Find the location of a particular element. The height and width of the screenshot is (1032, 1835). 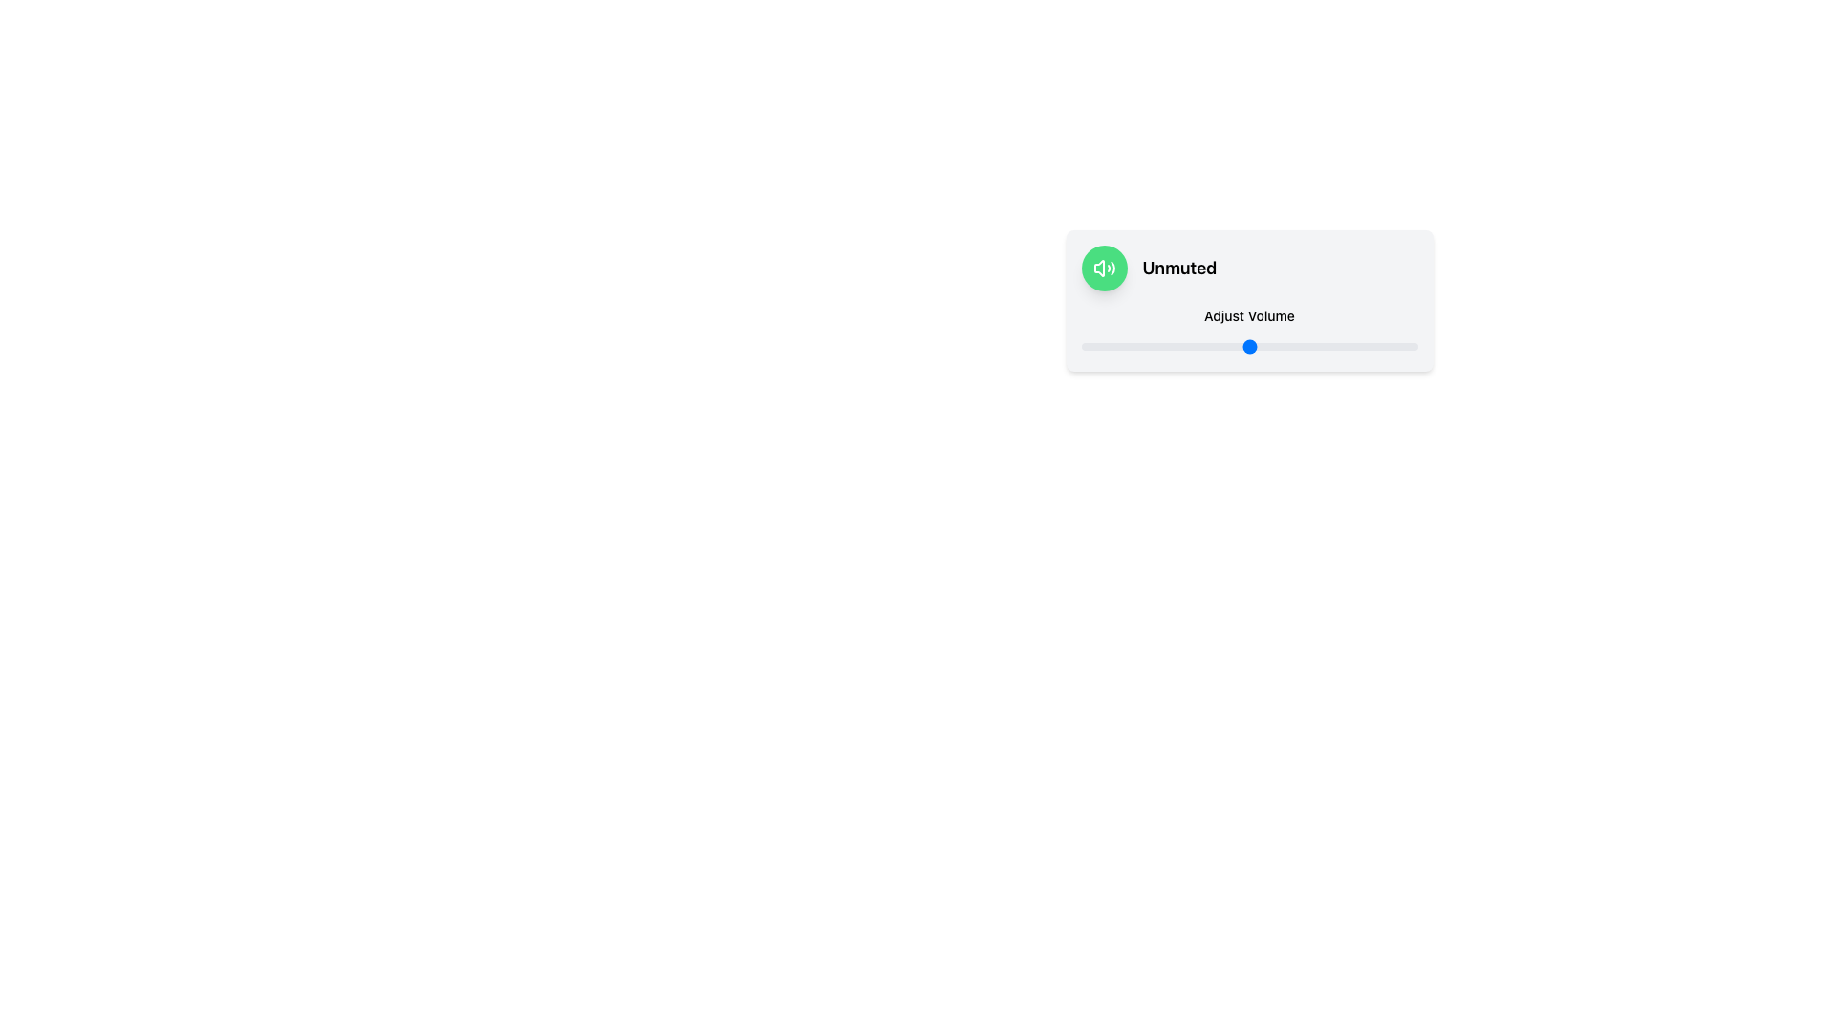

the volume is located at coordinates (1252, 346).